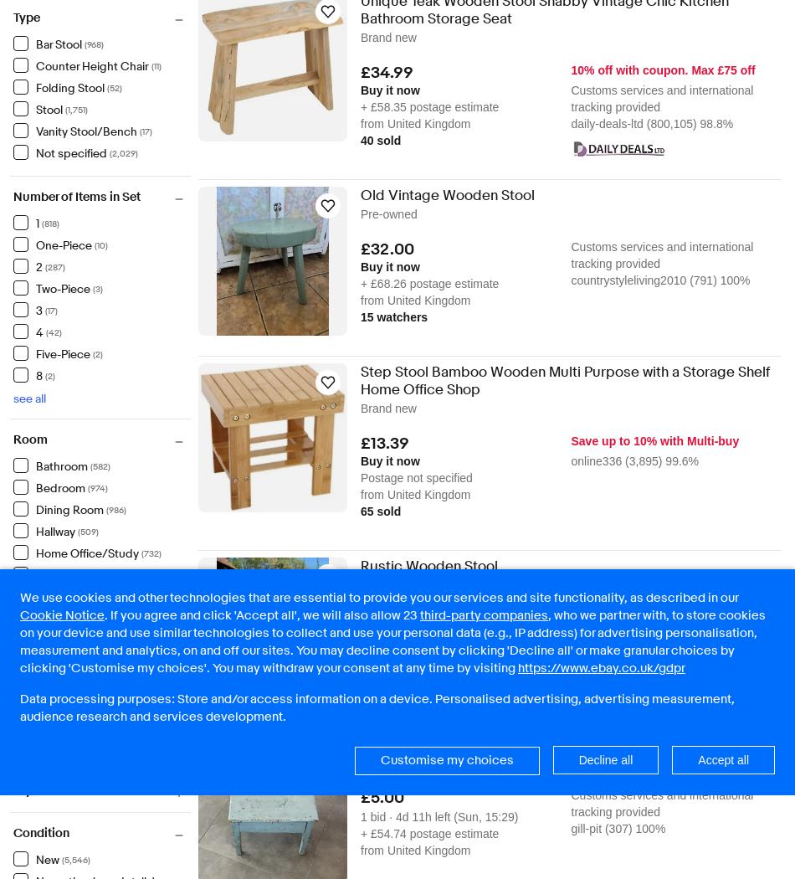 This screenshot has height=879, width=795. What do you see at coordinates (27, 789) in the screenshot?
I see `'Style'` at bounding box center [27, 789].